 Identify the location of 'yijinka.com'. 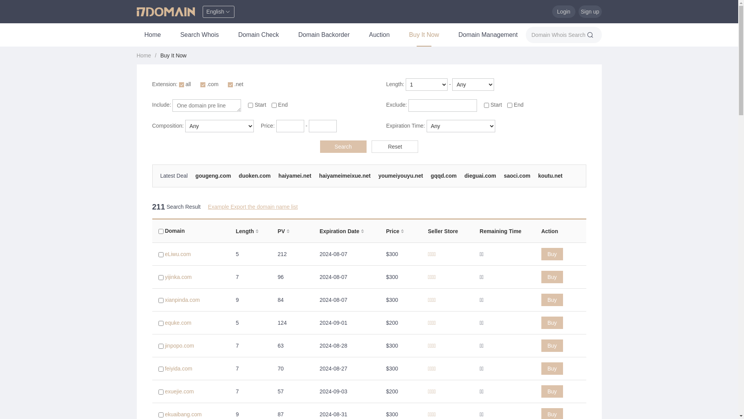
(177, 276).